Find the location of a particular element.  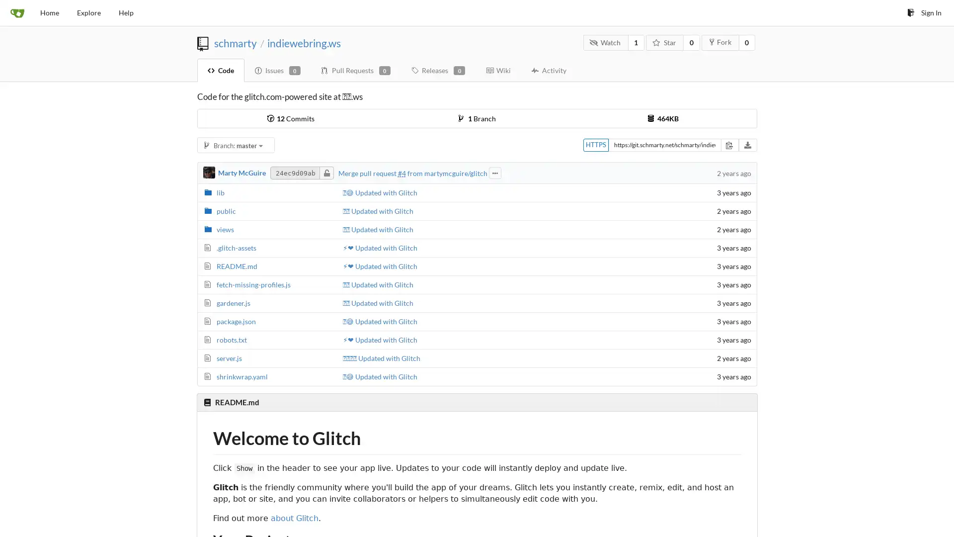

HTTPS is located at coordinates (595, 145).